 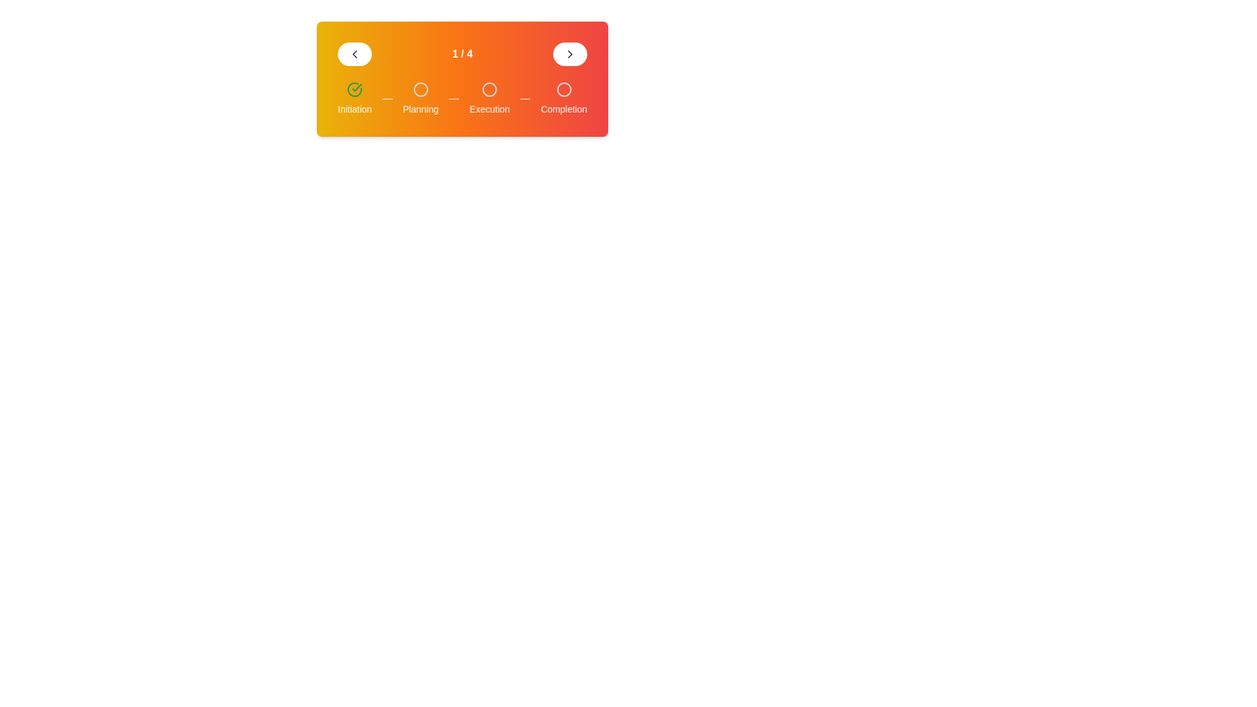 What do you see at coordinates (570, 54) in the screenshot?
I see `the circular button with a rightward-pointing chevron icon that is located on the far-right side of the navigation bar, adjacent to the '1 / 4' text label` at bounding box center [570, 54].